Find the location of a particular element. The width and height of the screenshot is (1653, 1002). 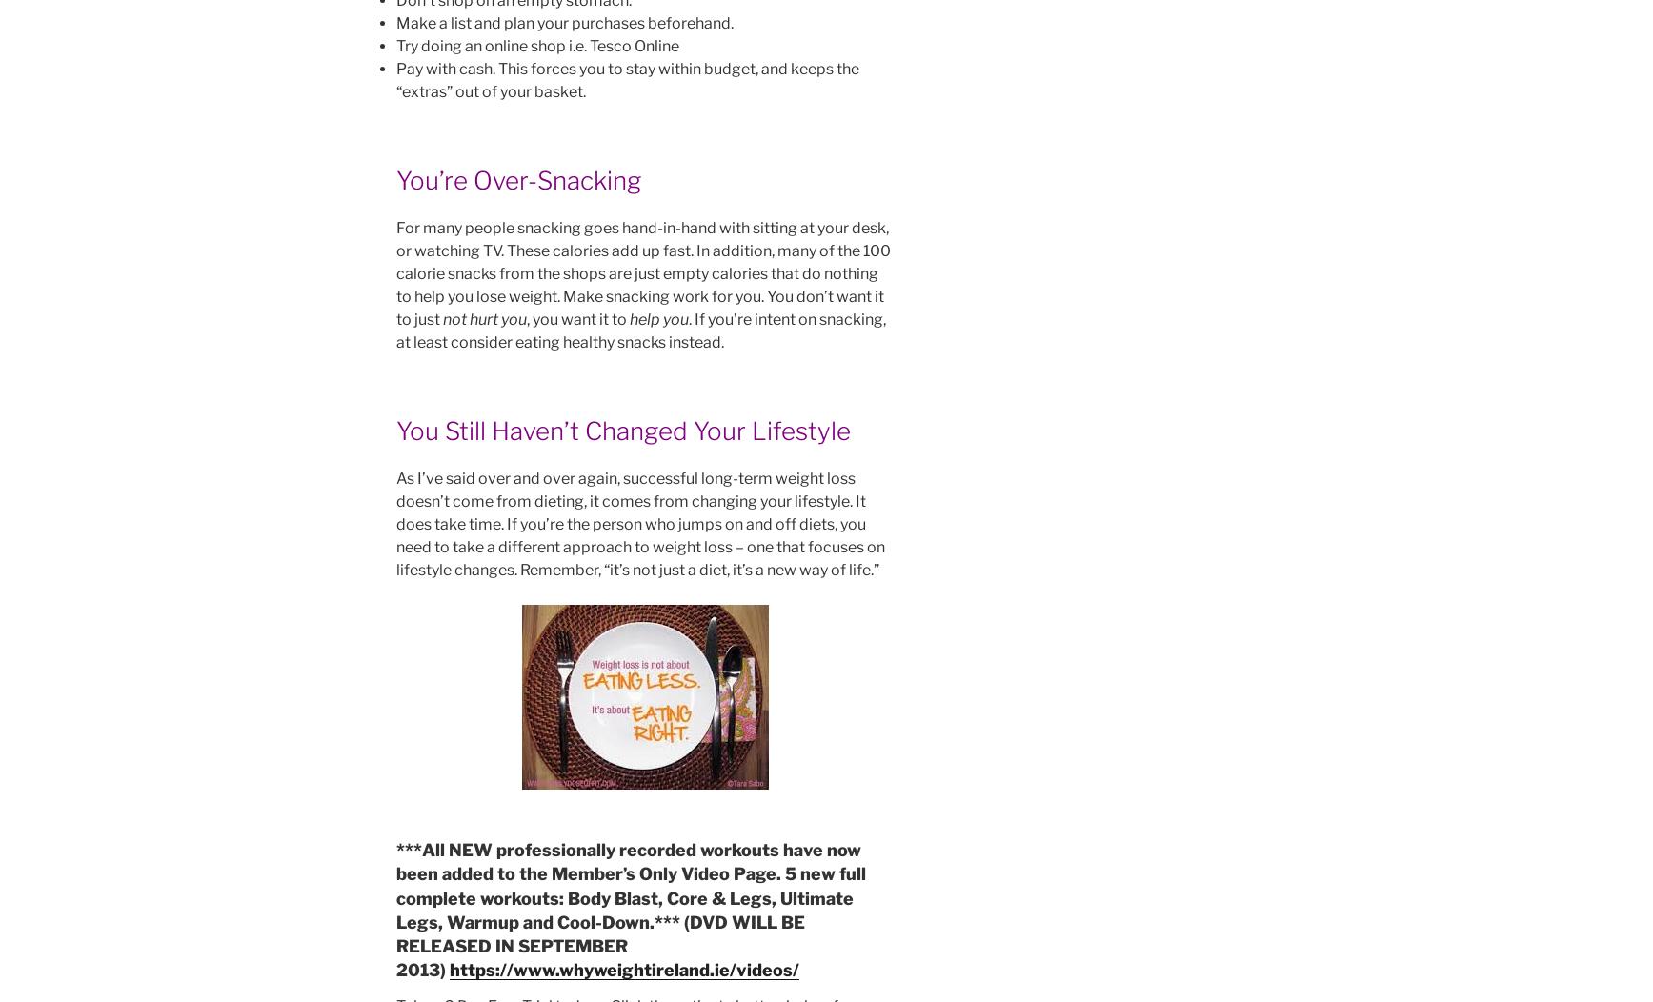

'As I’ve said over and over again, successful long-term weight loss doesn’t come from dieting, it comes from changing your lifestyle. It does take time. If you’re the person who jumps on and off diets, you need to take a different approach to weight loss – one that focuses on lifestyle changes. Remember, “it’s not just a diet, it’s a new way of life.”' is located at coordinates (639, 524).